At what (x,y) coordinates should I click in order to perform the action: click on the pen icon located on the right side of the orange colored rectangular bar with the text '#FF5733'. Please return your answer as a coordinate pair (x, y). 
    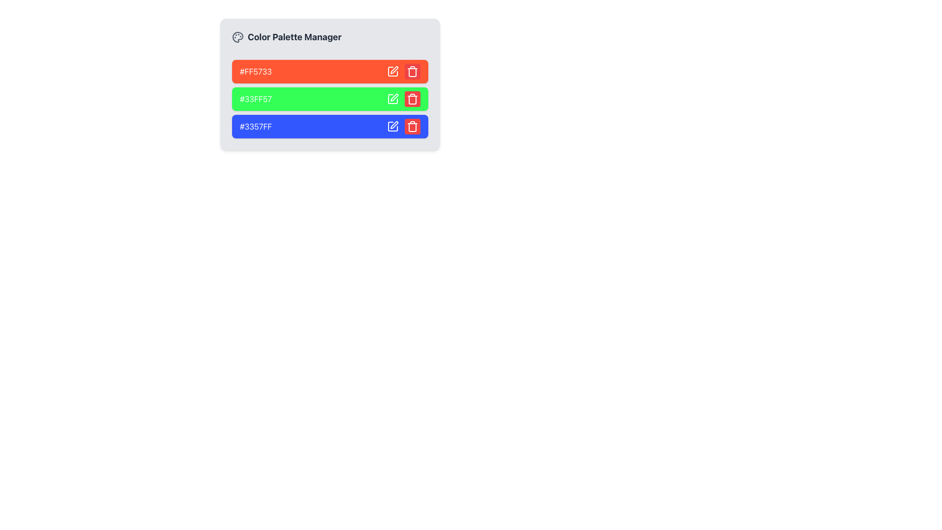
    Looking at the image, I should click on (394, 69).